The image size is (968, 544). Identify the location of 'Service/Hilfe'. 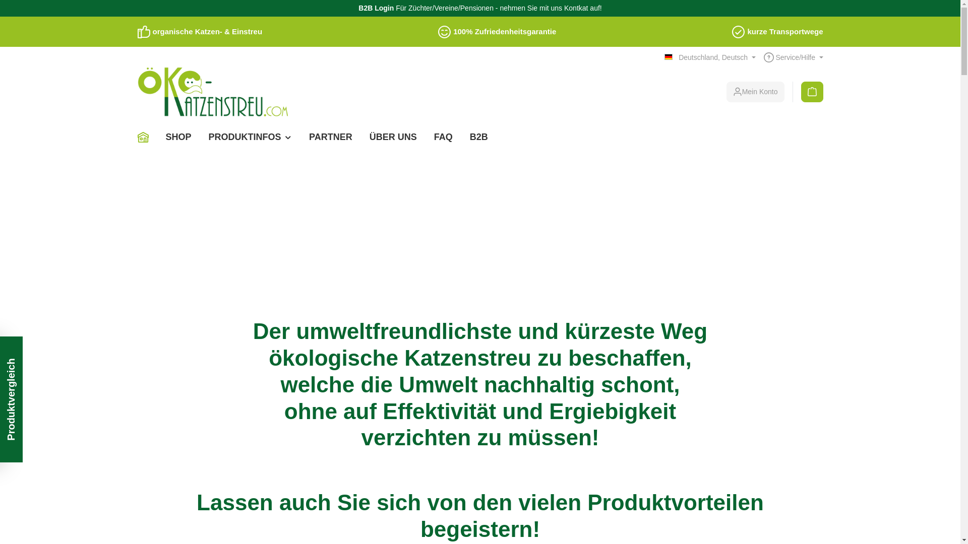
(793, 57).